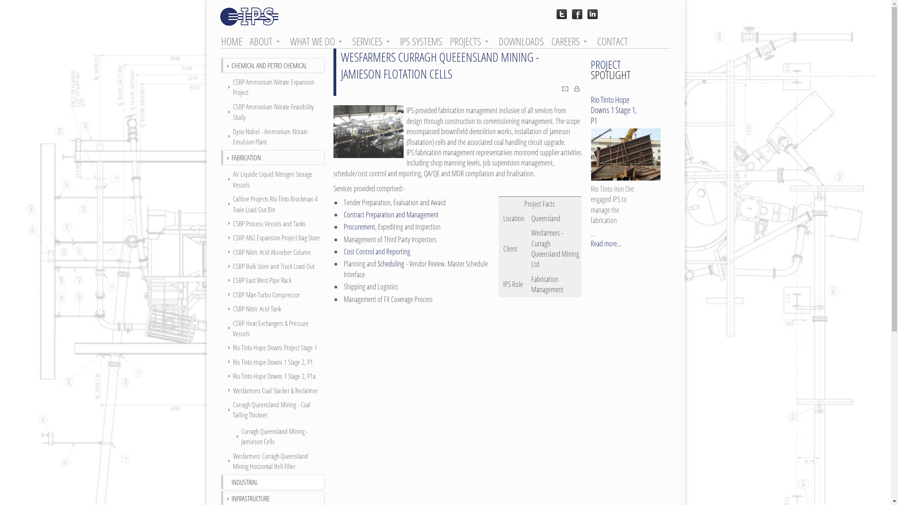 Image resolution: width=898 pixels, height=505 pixels. I want to click on 'Read more...', so click(605, 243).